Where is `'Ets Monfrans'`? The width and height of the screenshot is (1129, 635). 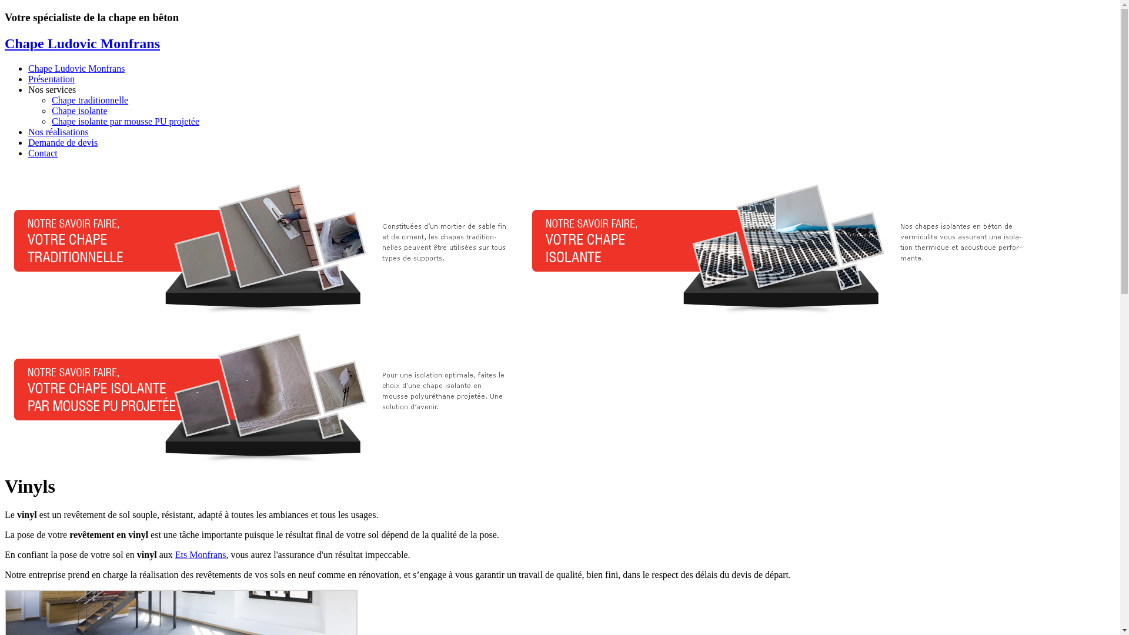
'Ets Monfrans' is located at coordinates (201, 554).